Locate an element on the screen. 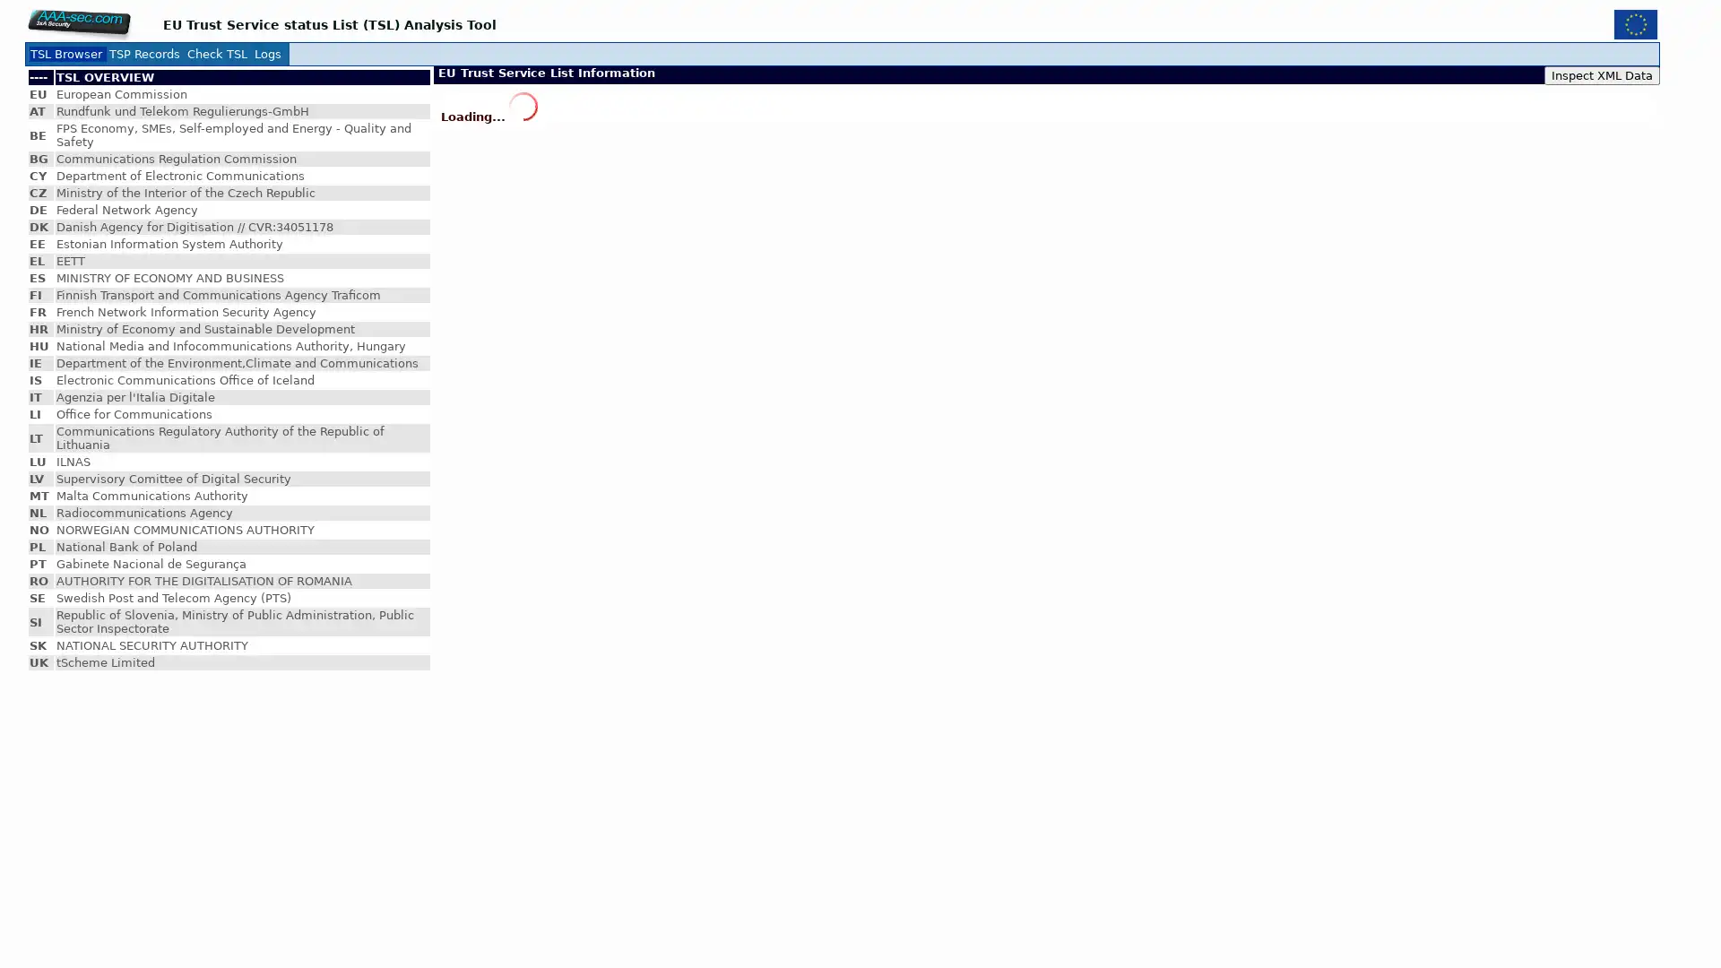  Inspect XML Data is located at coordinates (1602, 74).